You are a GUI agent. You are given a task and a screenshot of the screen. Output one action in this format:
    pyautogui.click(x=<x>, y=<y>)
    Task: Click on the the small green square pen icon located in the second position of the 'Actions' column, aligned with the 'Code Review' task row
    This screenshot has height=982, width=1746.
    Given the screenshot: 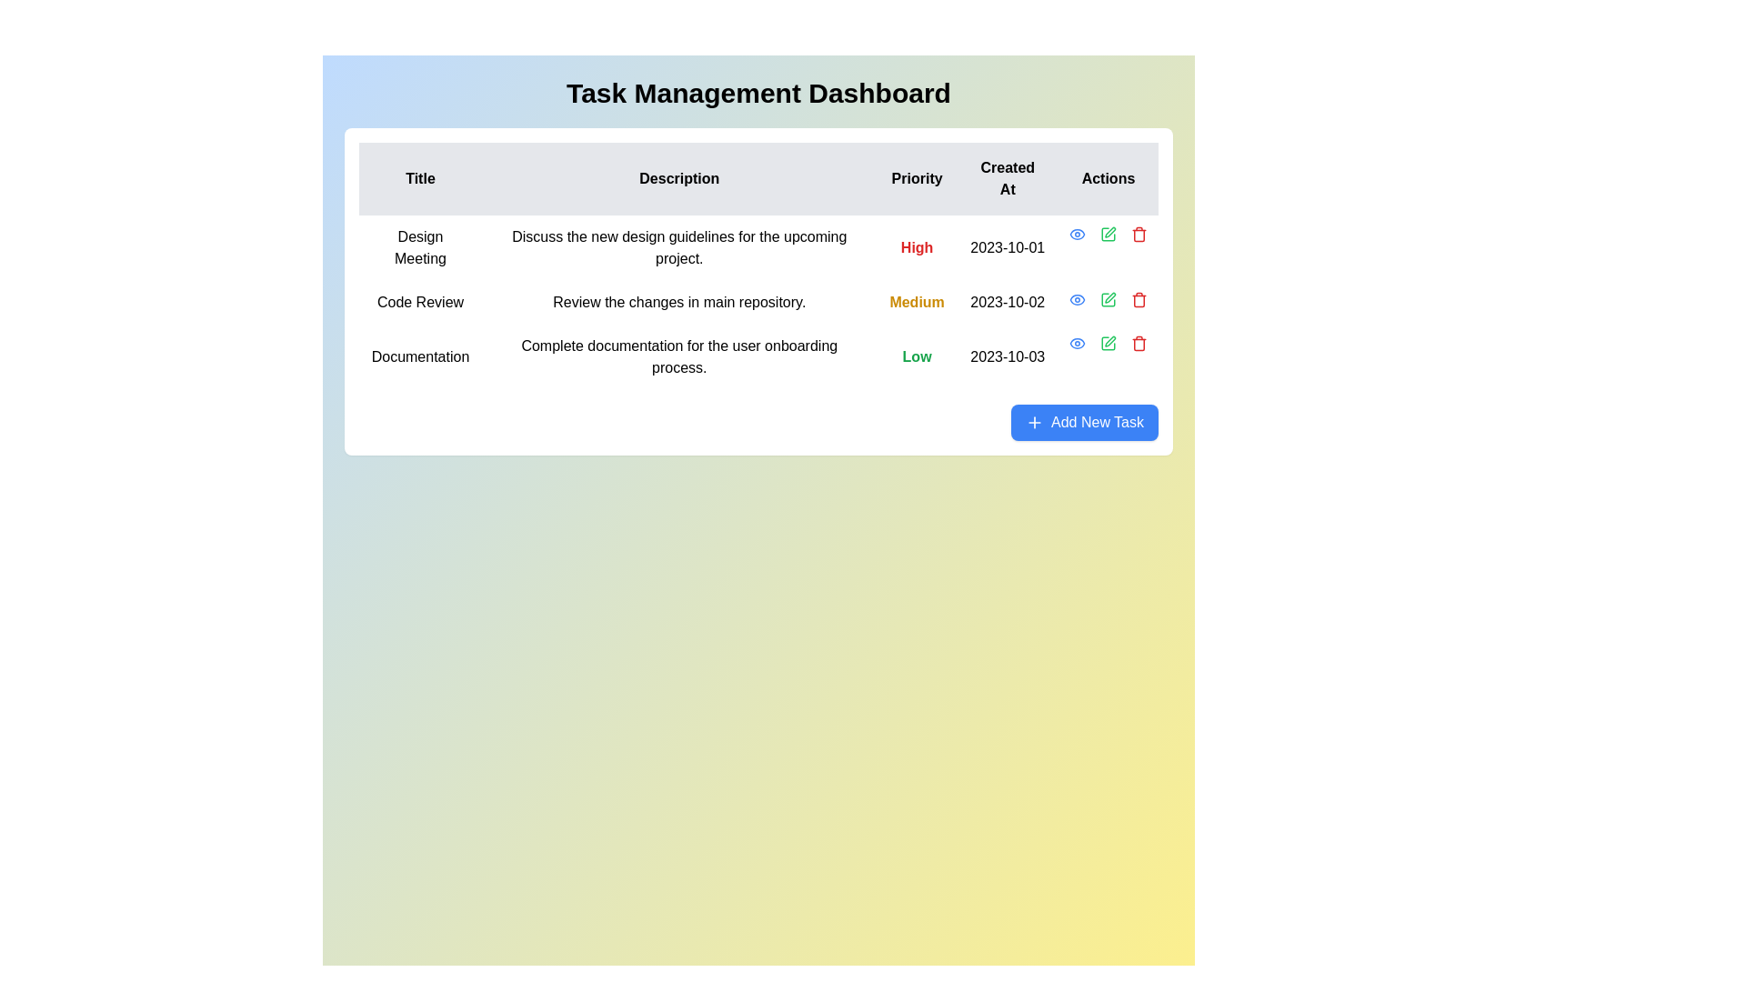 What is the action you would take?
    pyautogui.click(x=1108, y=234)
    